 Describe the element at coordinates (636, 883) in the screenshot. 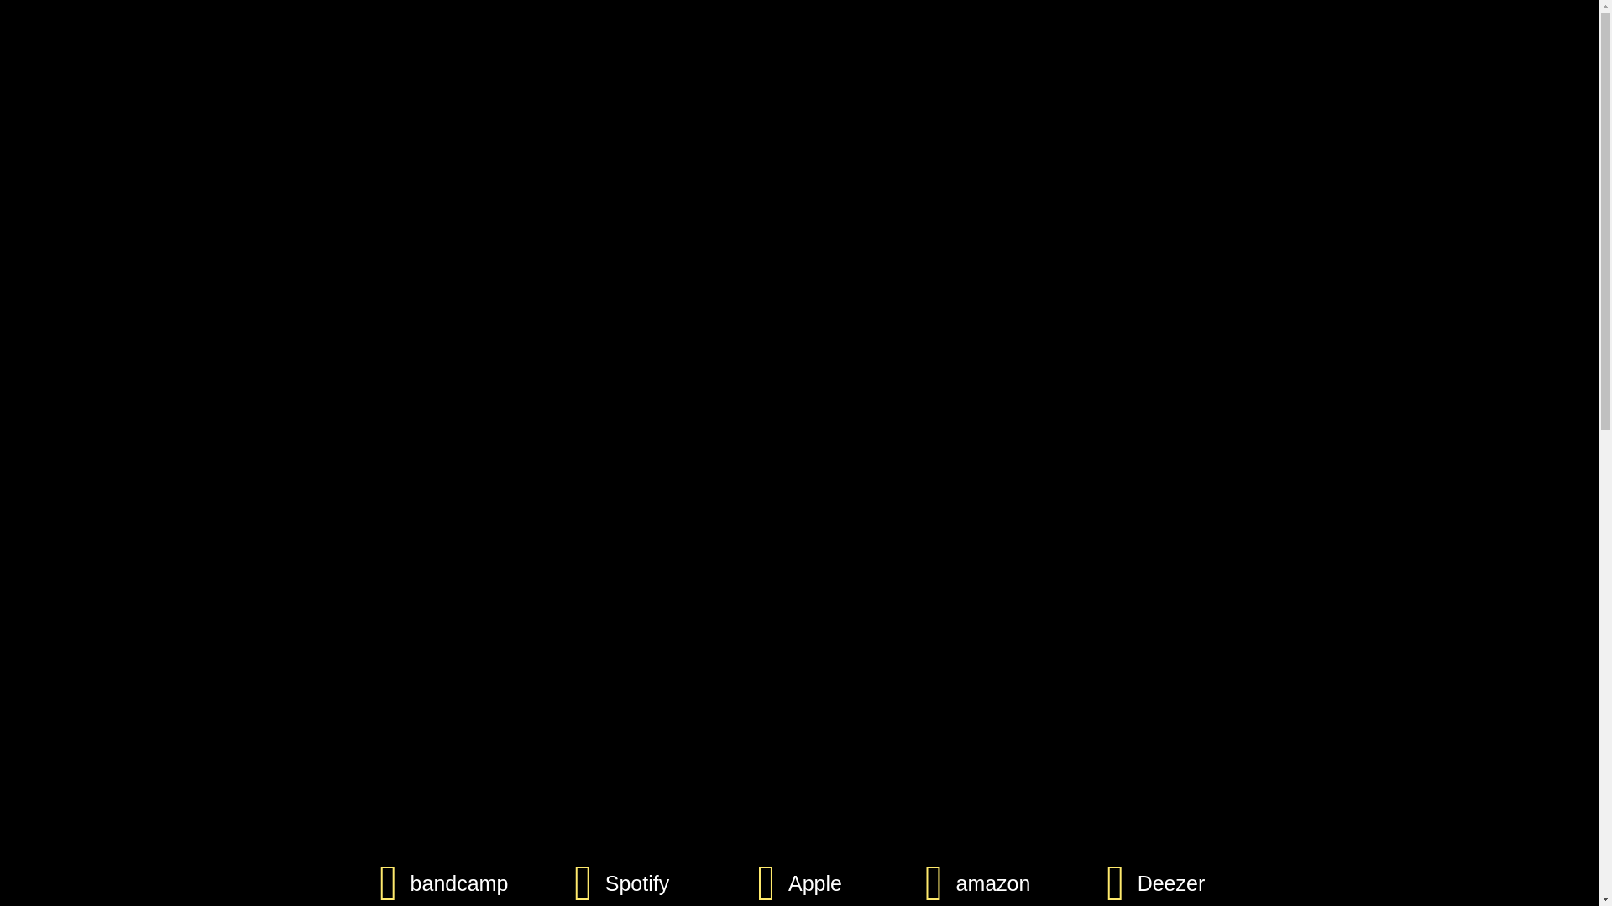

I see `'Spotify'` at that location.